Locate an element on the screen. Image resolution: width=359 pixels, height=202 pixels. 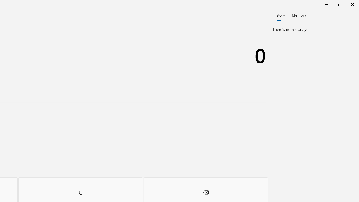
'Close Calculator' is located at coordinates (352, 4).